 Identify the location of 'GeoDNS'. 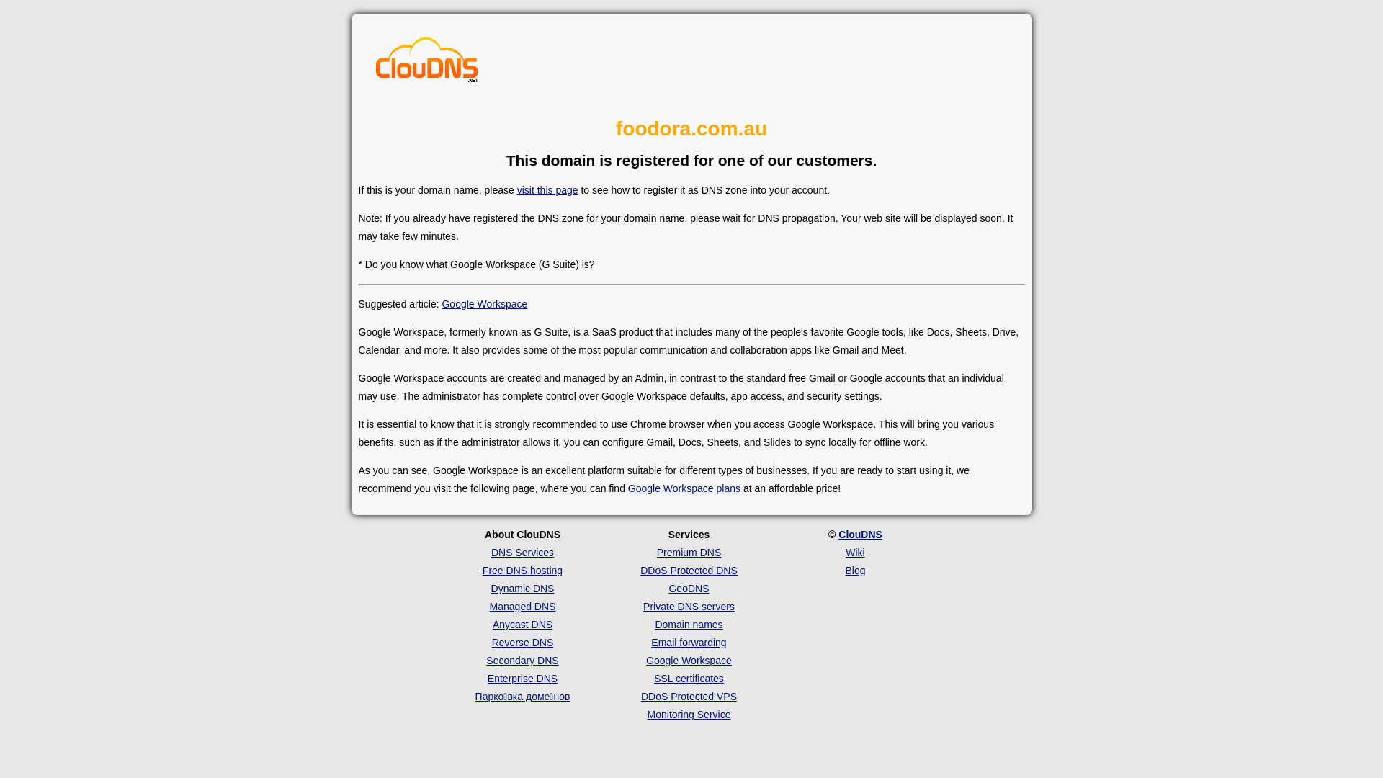
(667, 589).